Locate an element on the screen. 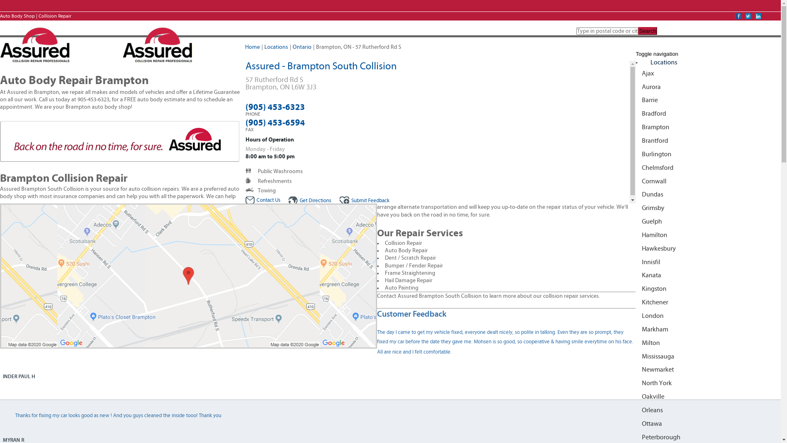 The width and height of the screenshot is (787, 443). 'London' is located at coordinates (635, 315).